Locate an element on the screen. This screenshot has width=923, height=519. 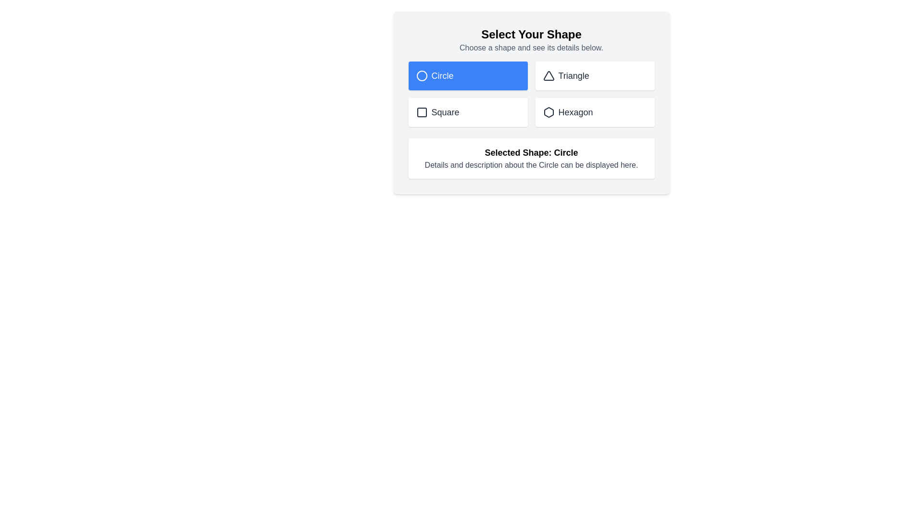
the text label that indicates the 'Triangle' shape option, which is positioned slightly to the right of a triangle icon in the top section of the interface is located at coordinates (574, 75).